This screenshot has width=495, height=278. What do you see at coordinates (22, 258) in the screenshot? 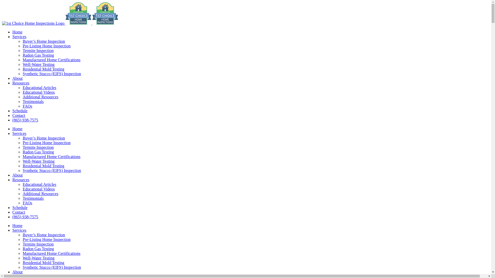
I see `'Well-Water Testing'` at bounding box center [22, 258].